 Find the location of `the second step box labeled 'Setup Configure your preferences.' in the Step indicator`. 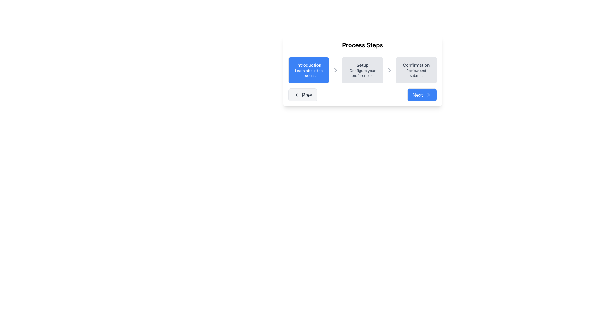

the second step box labeled 'Setup Configure your preferences.' in the Step indicator is located at coordinates (363, 70).